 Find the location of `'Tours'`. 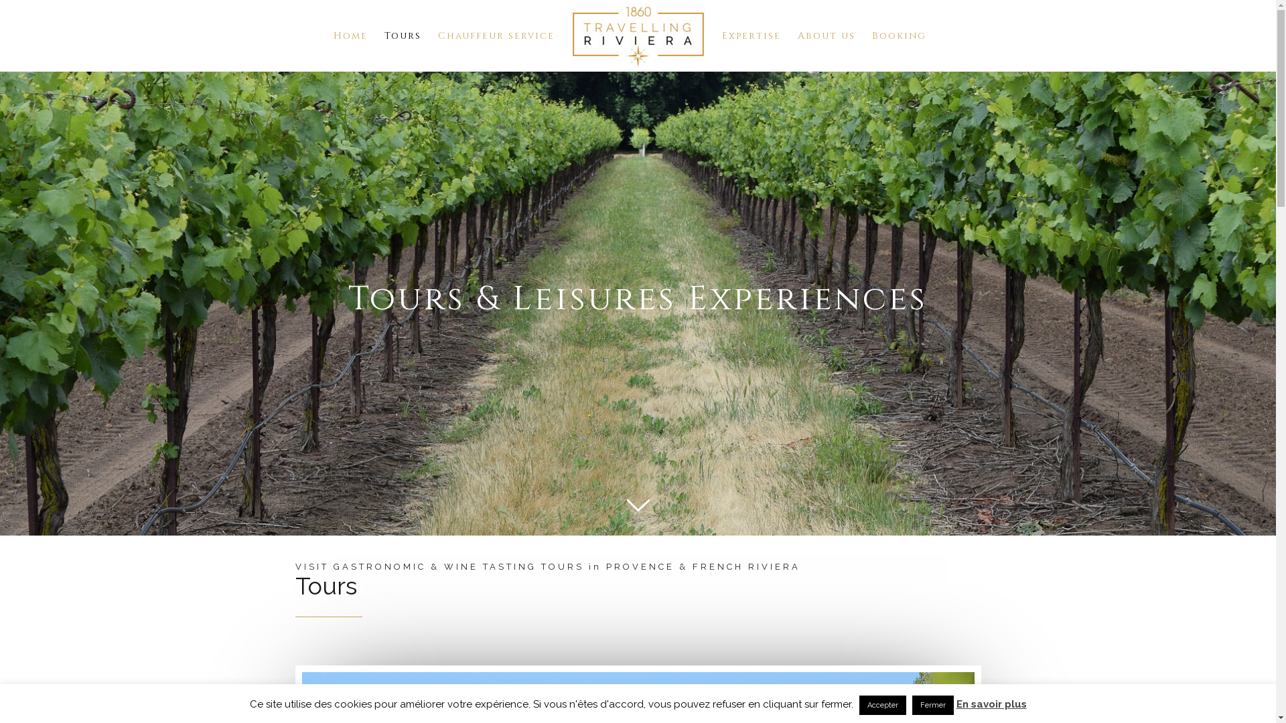

'Tours' is located at coordinates (402, 35).